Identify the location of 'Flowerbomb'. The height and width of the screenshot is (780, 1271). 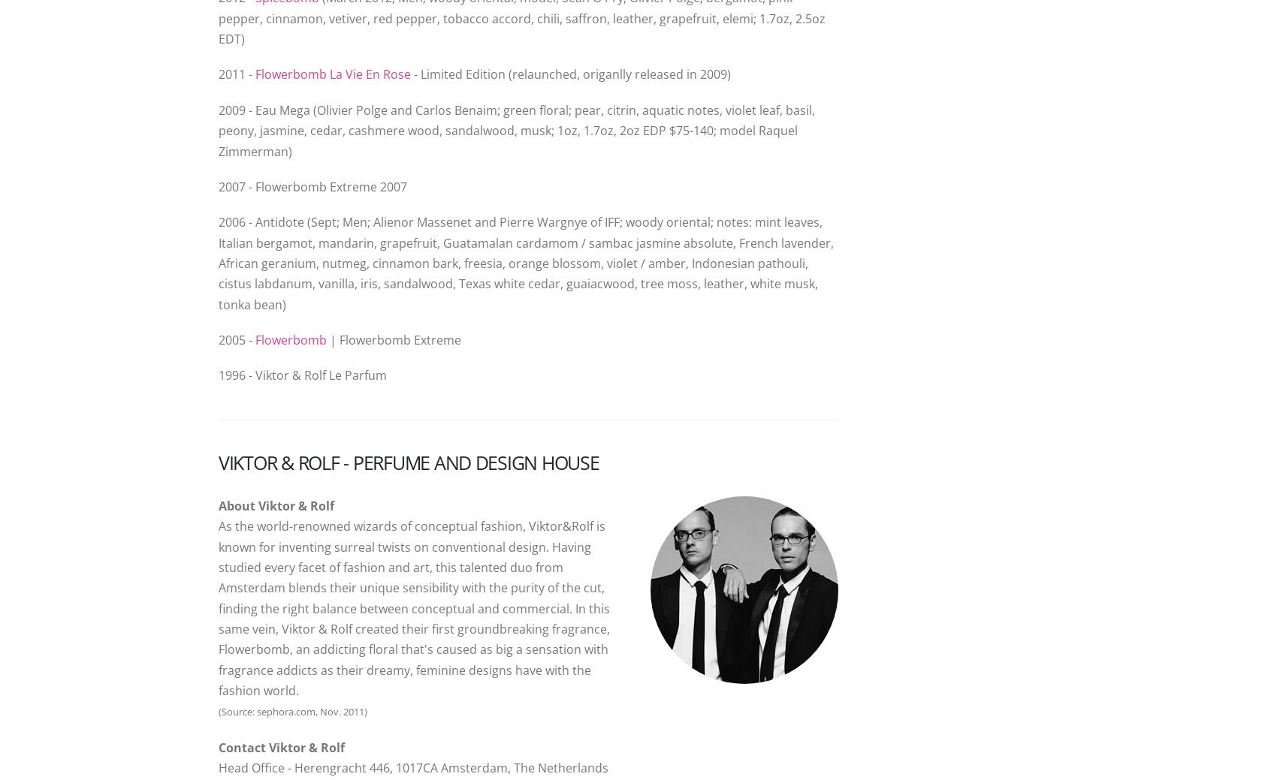
(291, 339).